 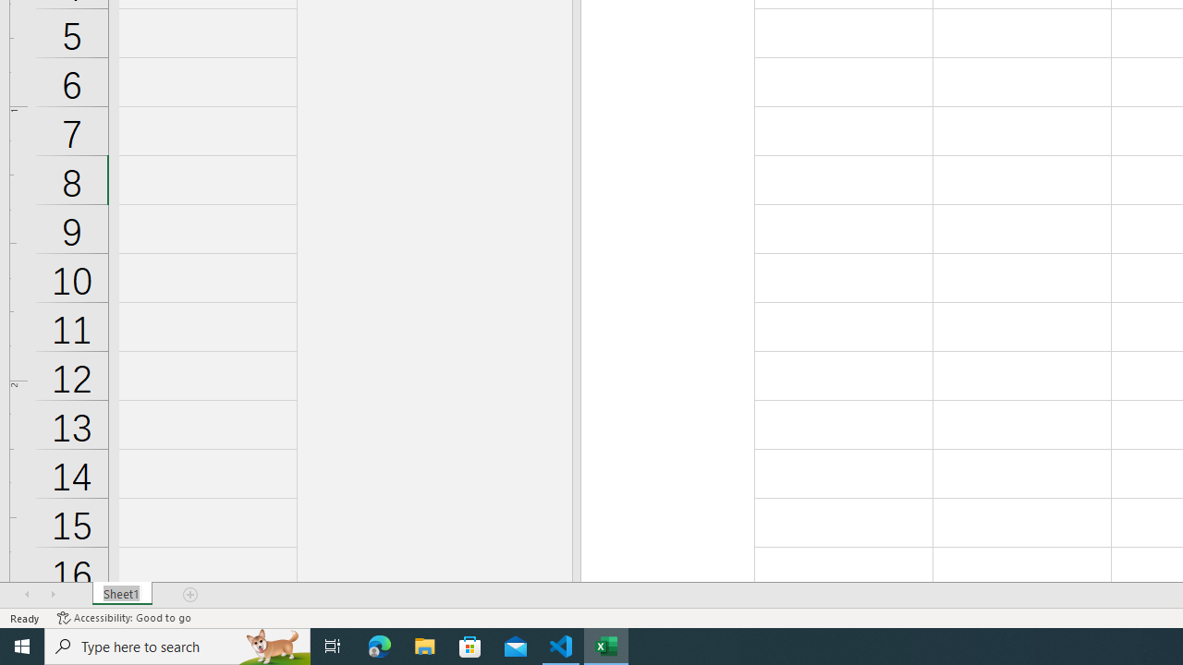 What do you see at coordinates (53, 595) in the screenshot?
I see `'Scroll Right'` at bounding box center [53, 595].